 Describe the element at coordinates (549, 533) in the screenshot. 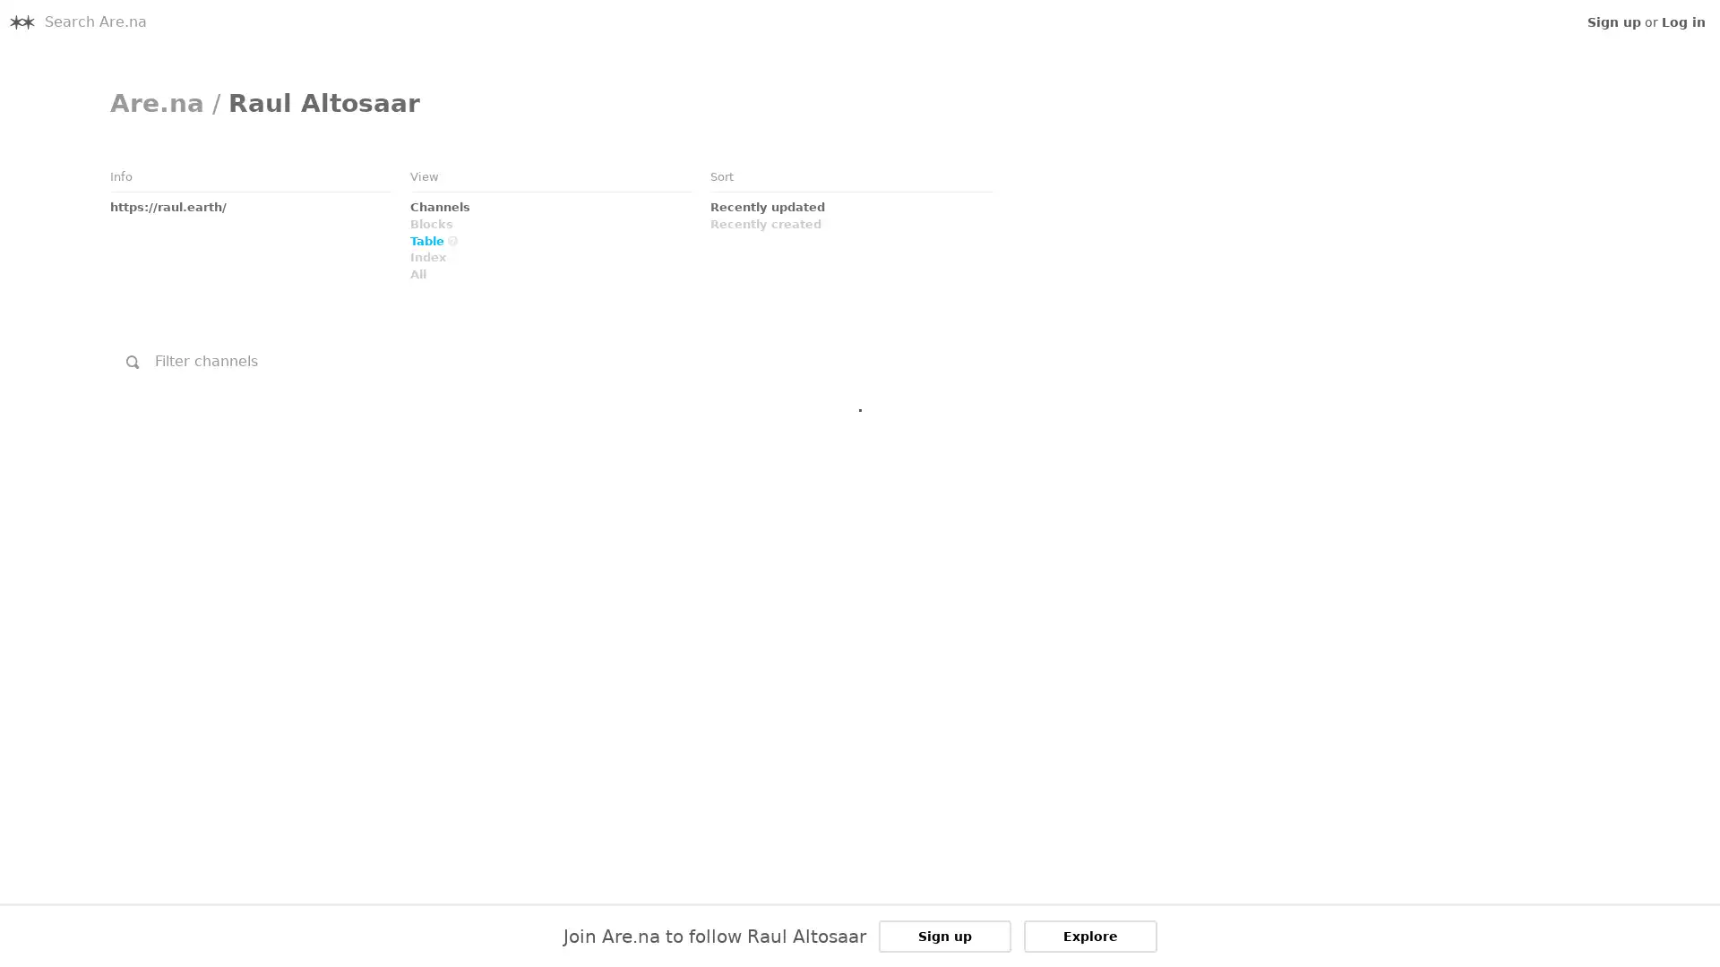

I see `Link to Embed: Zimoun : 25 woodworms, wood, microphone, sound system, 2009` at that location.